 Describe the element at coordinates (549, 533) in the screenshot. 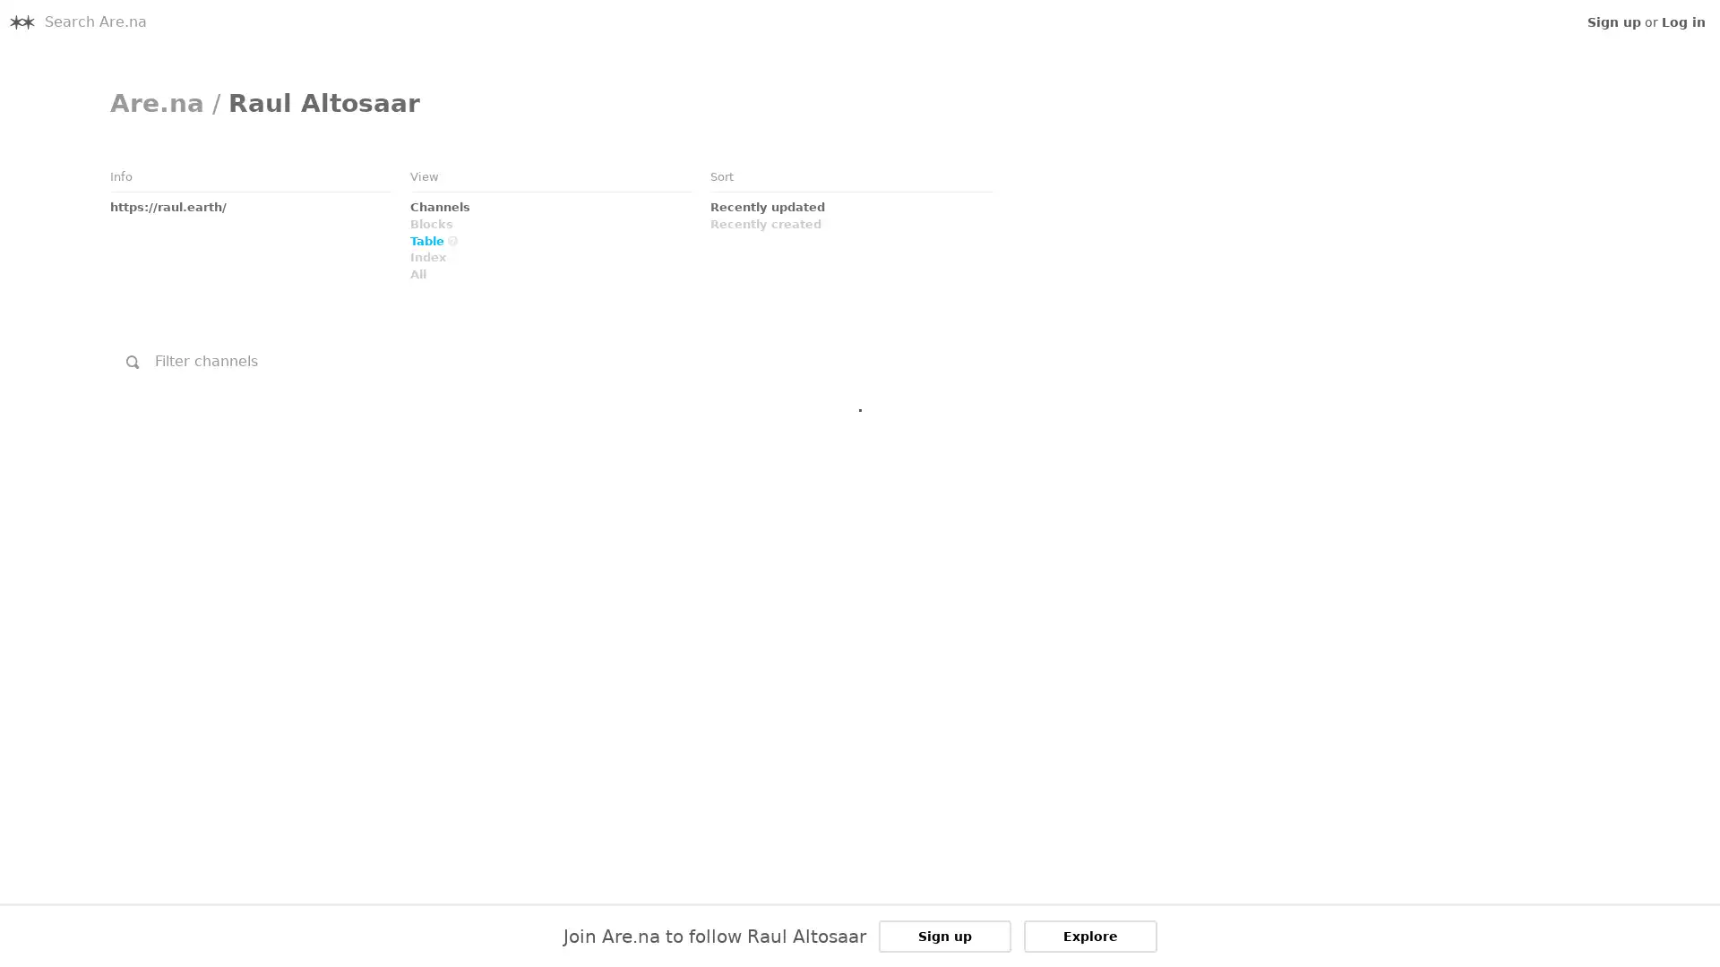

I see `Link to Embed: Zimoun : 25 woodworms, wood, microphone, sound system, 2009` at that location.